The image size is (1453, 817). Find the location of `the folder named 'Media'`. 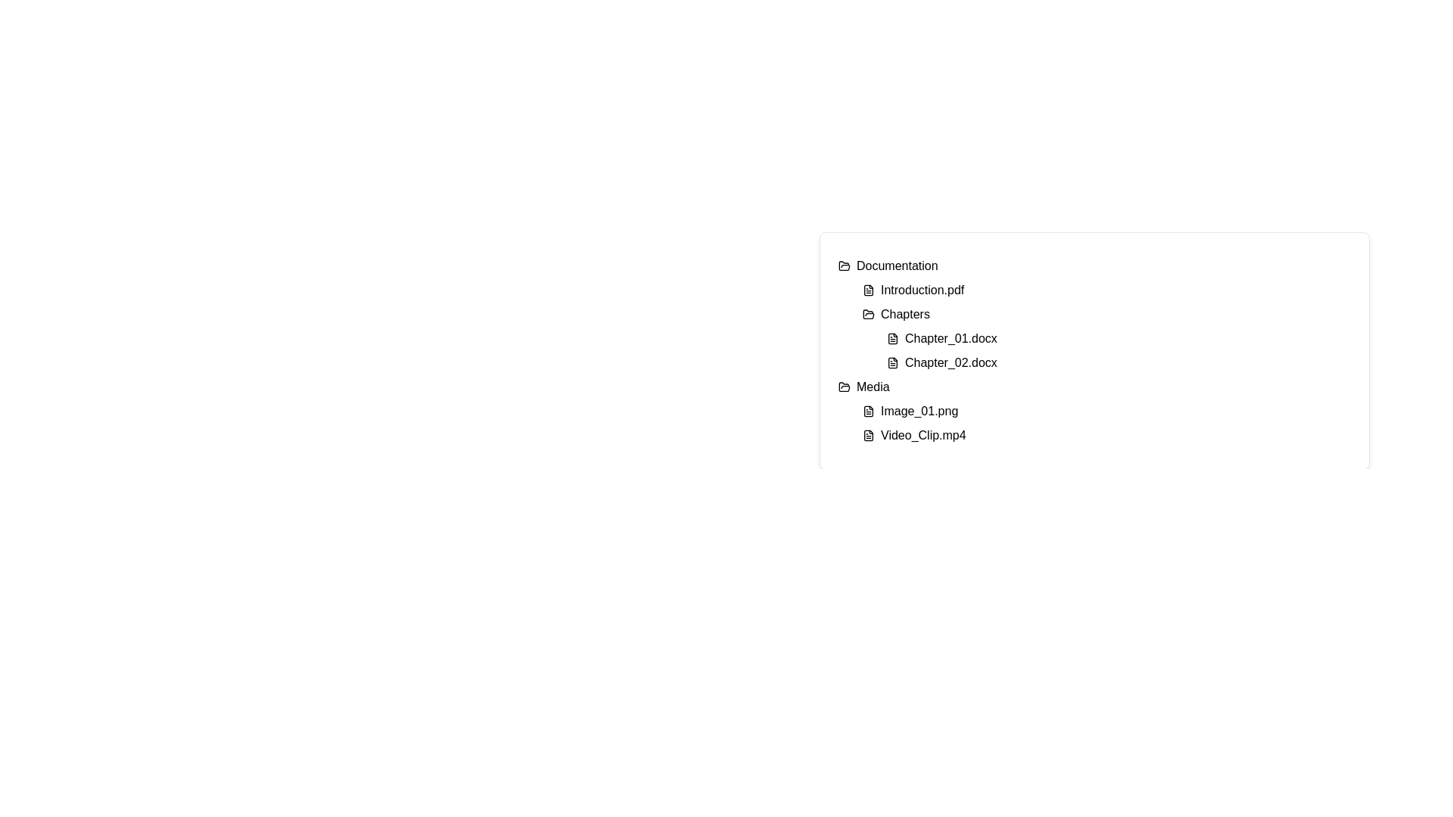

the folder named 'Media' is located at coordinates (1094, 387).